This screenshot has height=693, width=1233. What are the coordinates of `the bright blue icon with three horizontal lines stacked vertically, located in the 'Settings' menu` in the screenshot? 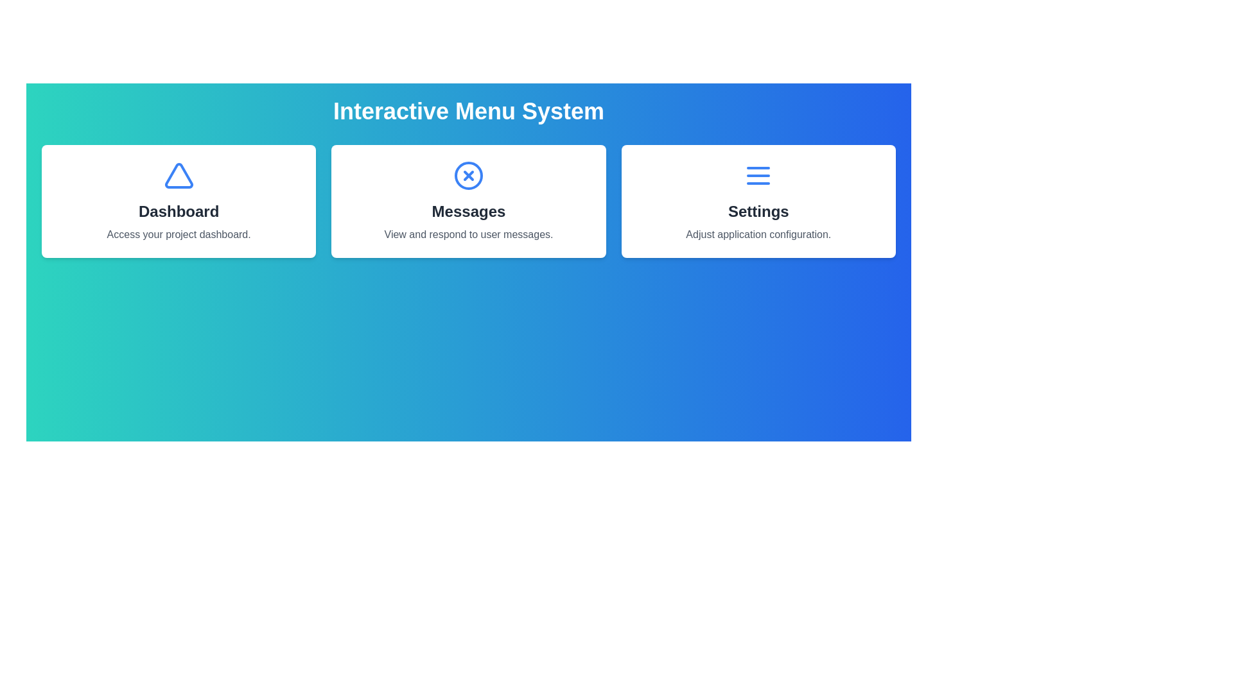 It's located at (758, 175).